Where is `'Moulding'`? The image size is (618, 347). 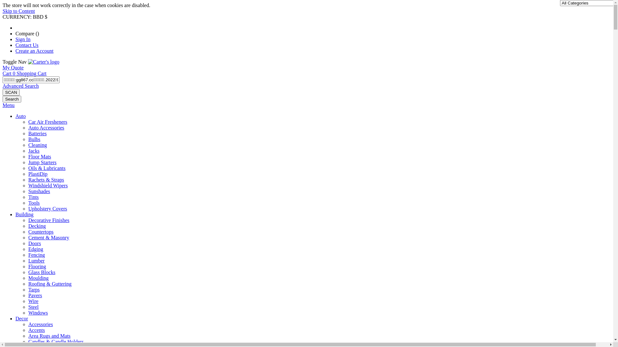
'Moulding' is located at coordinates (38, 278).